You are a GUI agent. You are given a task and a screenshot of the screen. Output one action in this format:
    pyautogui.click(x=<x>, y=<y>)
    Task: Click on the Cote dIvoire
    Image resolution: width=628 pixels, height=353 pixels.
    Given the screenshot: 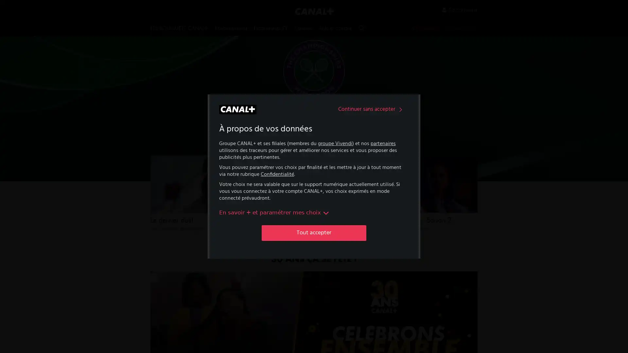 What is the action you would take?
    pyautogui.click(x=251, y=220)
    